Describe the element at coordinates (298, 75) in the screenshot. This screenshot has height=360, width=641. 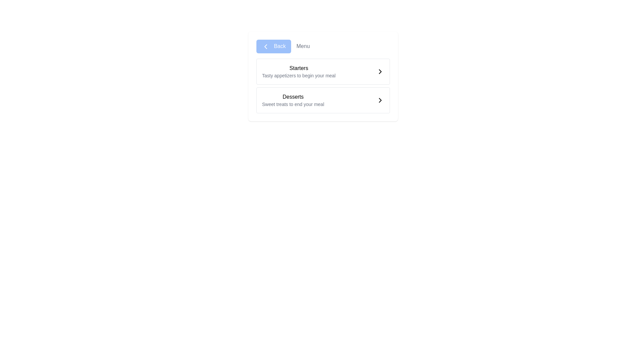
I see `the descriptive text segment that reads 'Tasty appetizers to begin your meal', which is styled in gray and positioned directly beneath the heading 'Starters'` at that location.